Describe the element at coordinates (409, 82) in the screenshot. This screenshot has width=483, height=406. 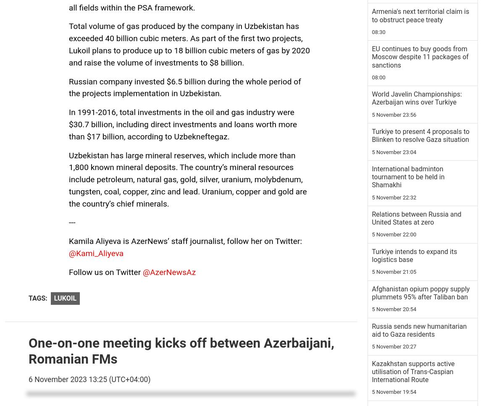
I see `'Azerbaijani karate fighter becomes five-time world champion'` at that location.